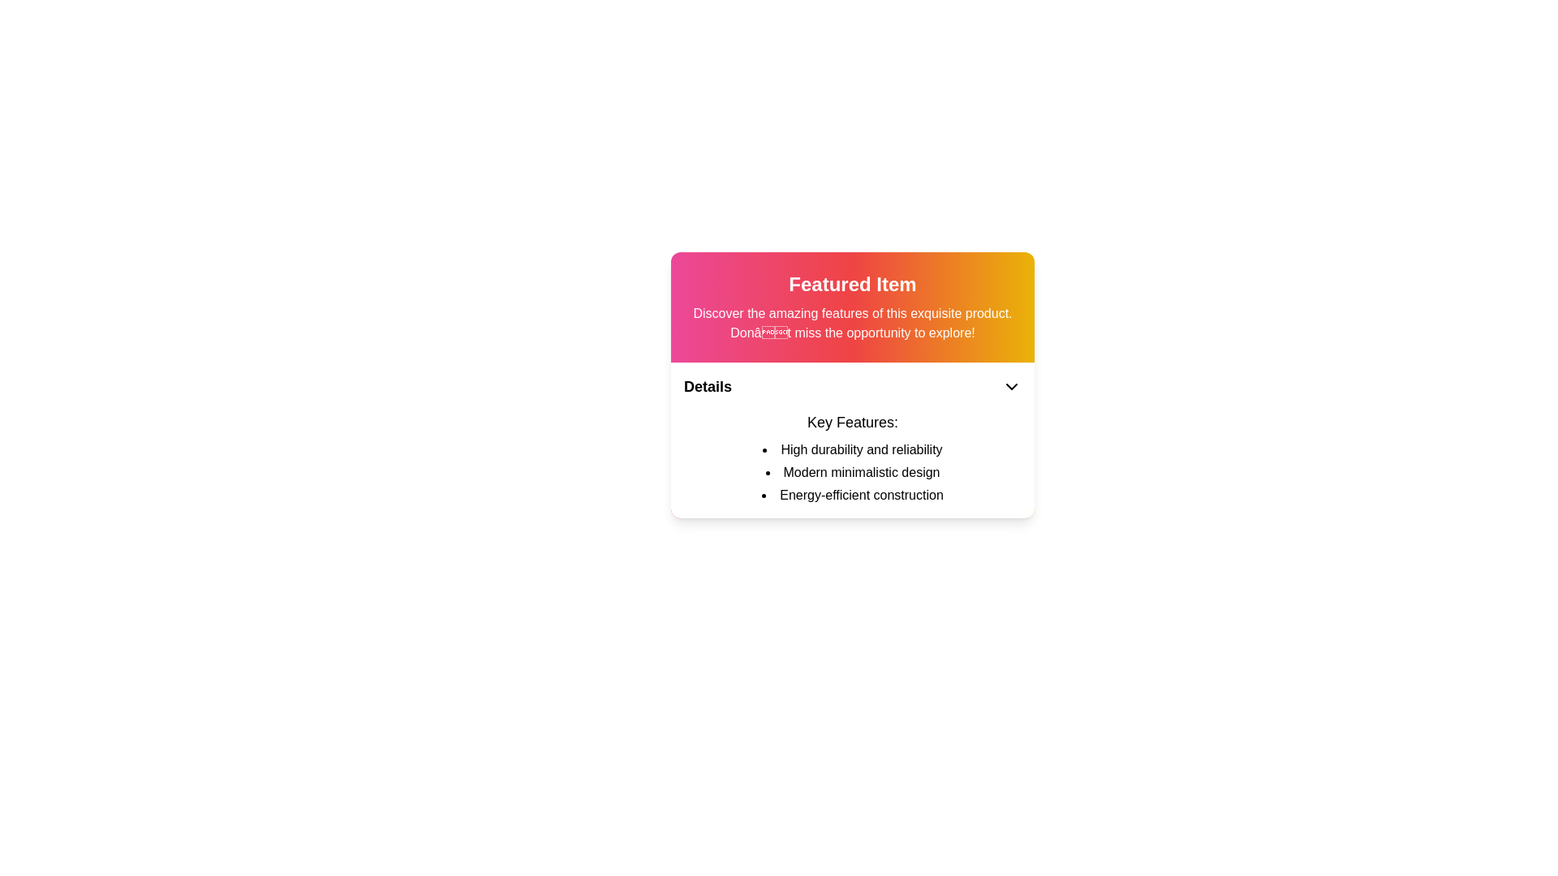 Image resolution: width=1558 pixels, height=876 pixels. Describe the element at coordinates (852, 284) in the screenshot. I see `the title or heading element that summarizes the content below it, located at the top of the section` at that location.